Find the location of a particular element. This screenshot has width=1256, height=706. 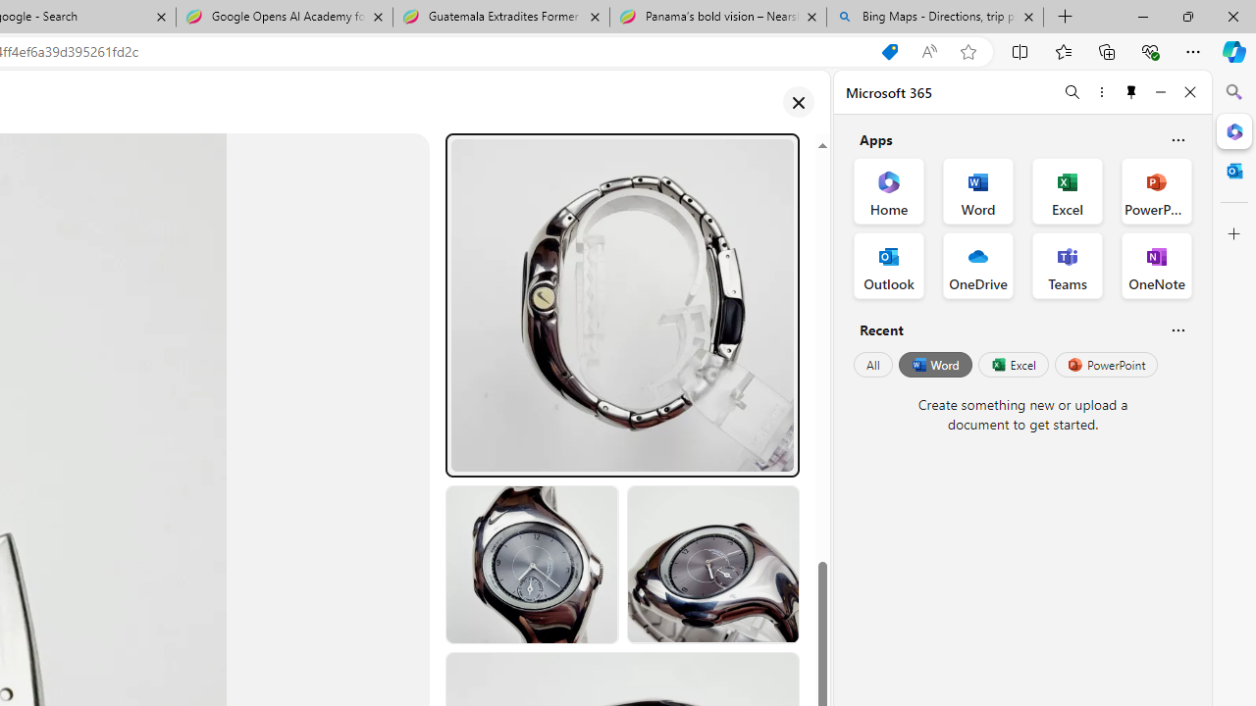

'Home Office App' is located at coordinates (888, 191).